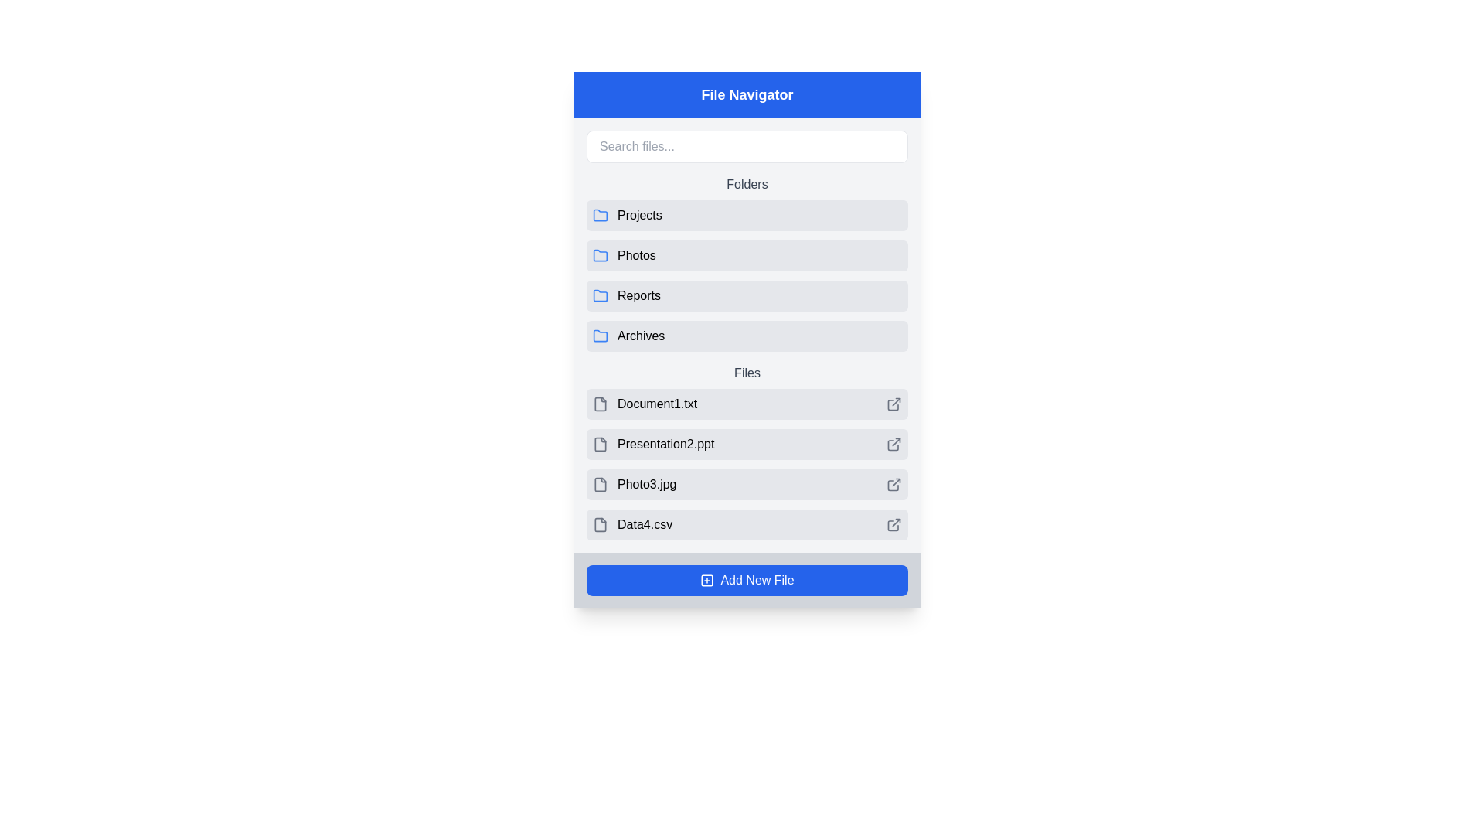  What do you see at coordinates (639, 215) in the screenshot?
I see `the static text label displaying 'Projects' in black font located` at bounding box center [639, 215].